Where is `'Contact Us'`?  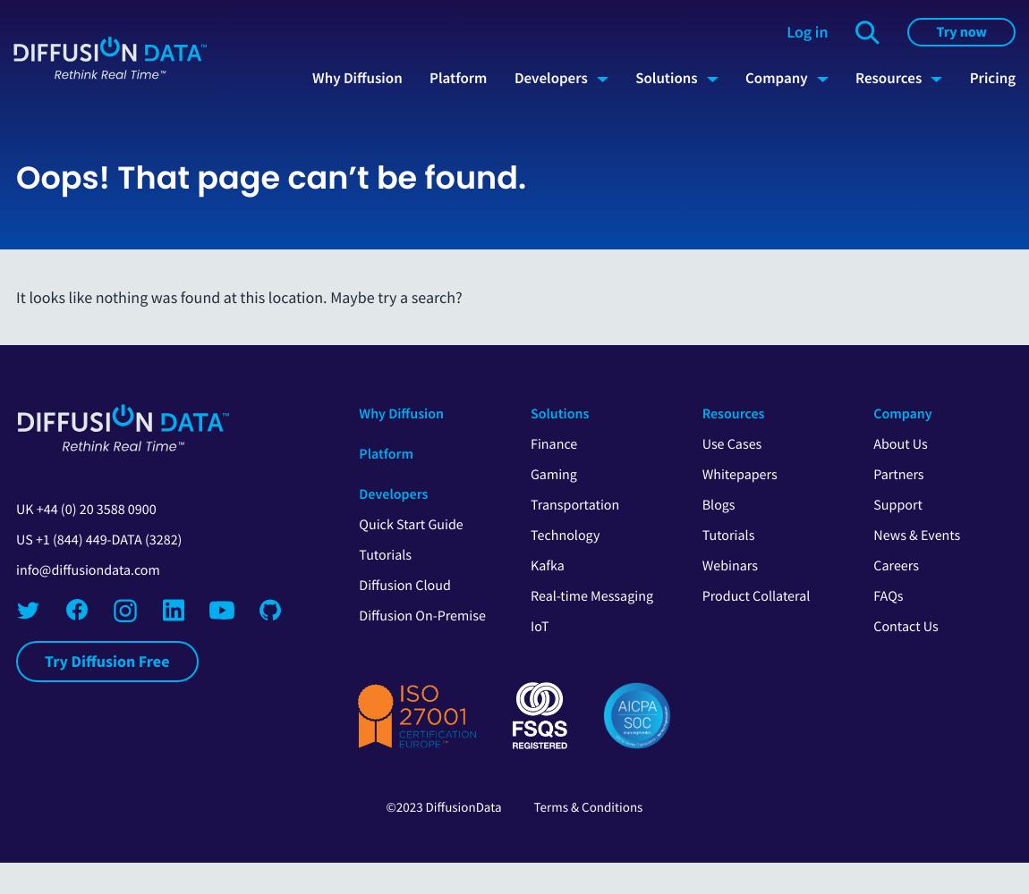 'Contact Us' is located at coordinates (906, 626).